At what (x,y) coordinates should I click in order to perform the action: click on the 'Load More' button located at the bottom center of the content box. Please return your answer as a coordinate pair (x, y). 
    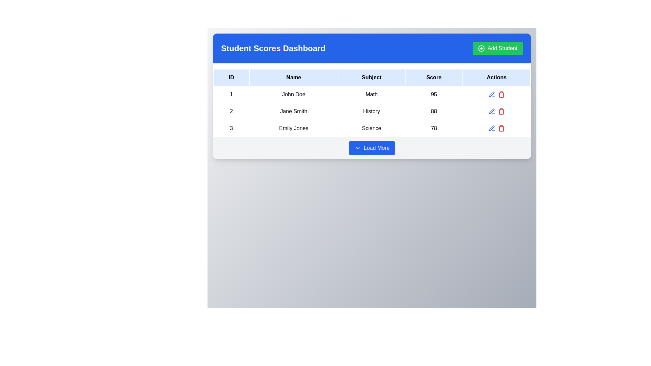
    Looking at the image, I should click on (372, 147).